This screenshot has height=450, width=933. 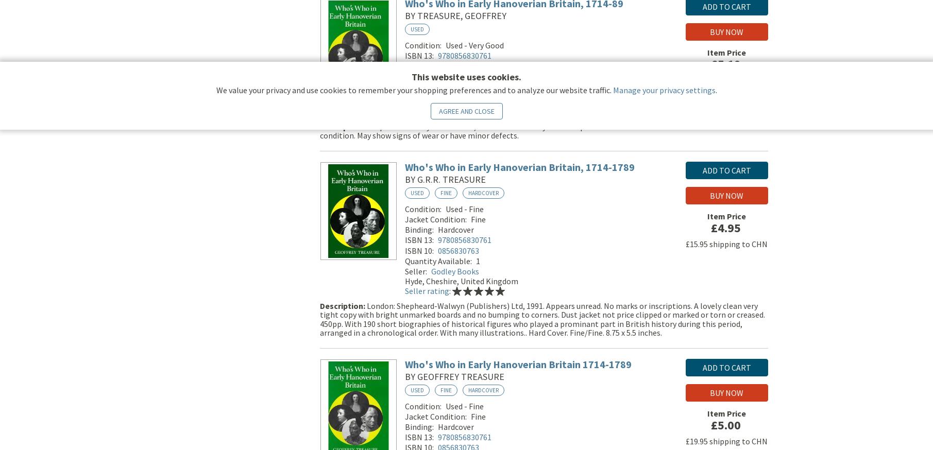 I want to click on 'This website uses cookies.', so click(x=466, y=76).